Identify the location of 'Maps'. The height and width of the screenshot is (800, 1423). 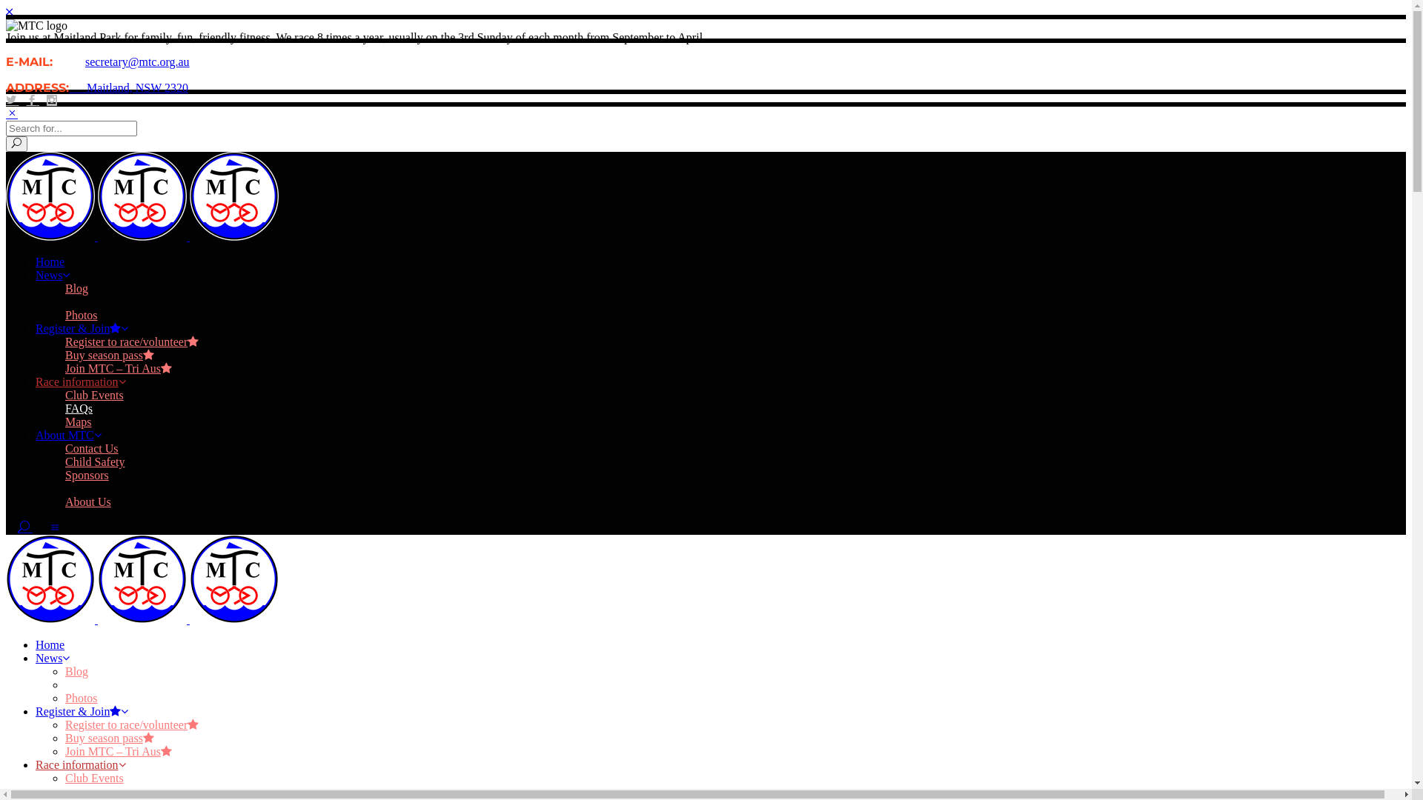
(77, 421).